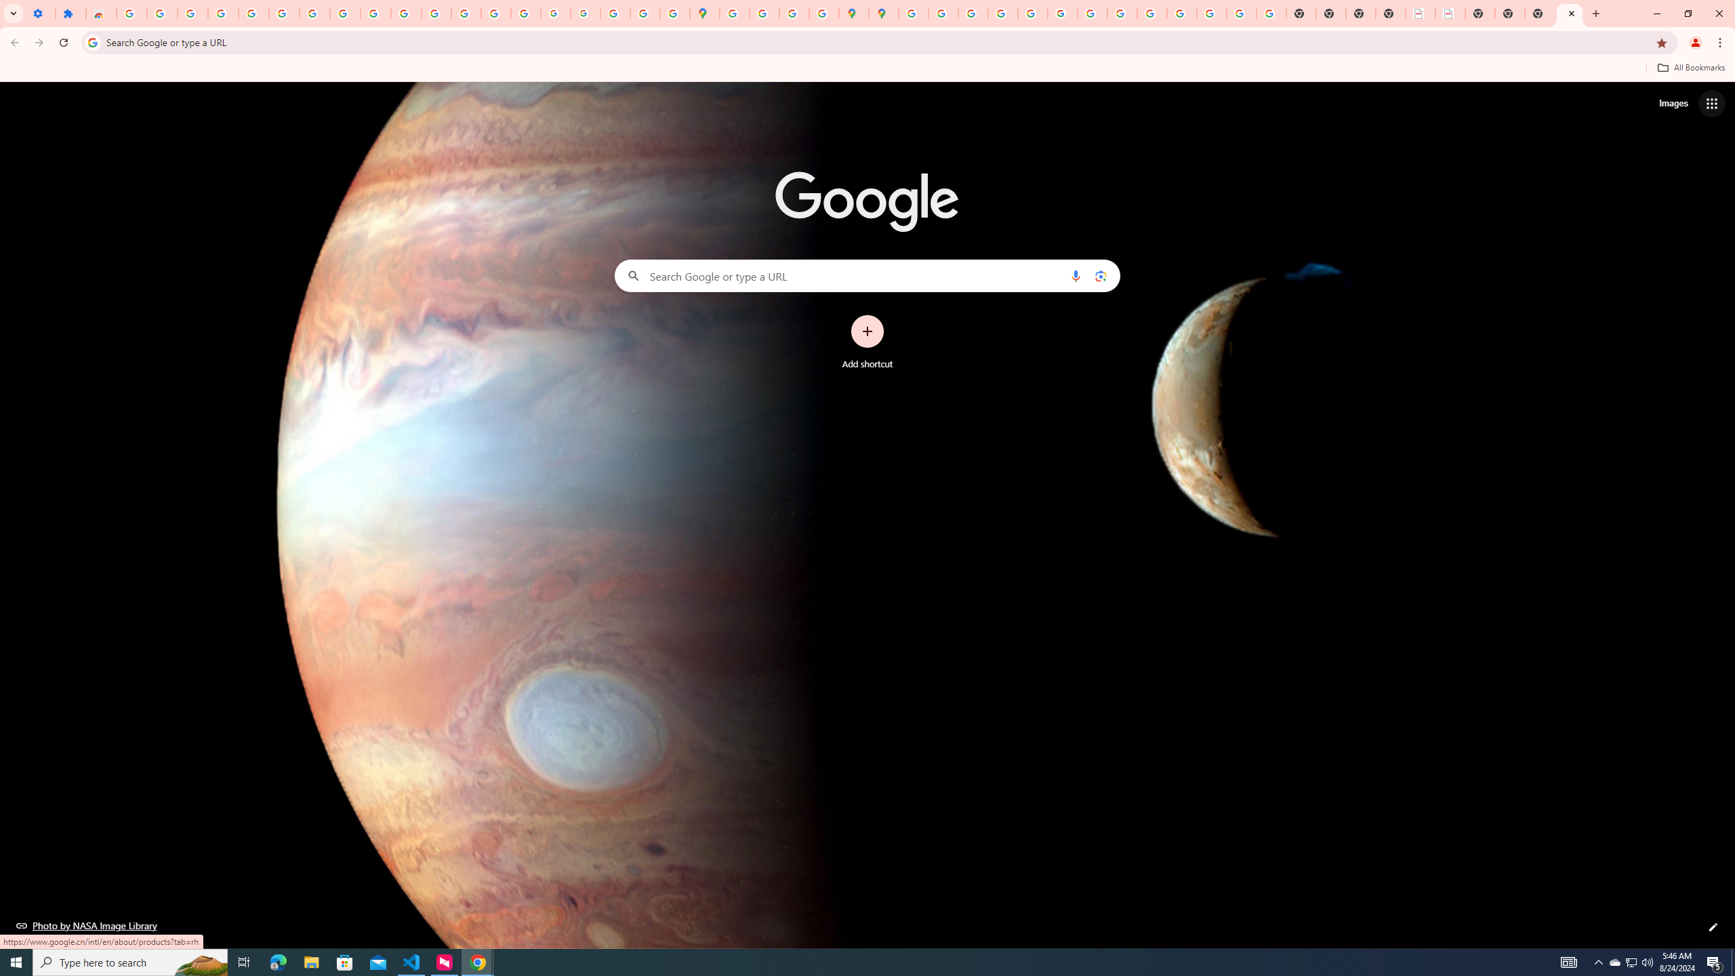 The width and height of the screenshot is (1735, 976). What do you see at coordinates (1002, 13) in the screenshot?
I see `'Privacy Help Center - Policies Help'` at bounding box center [1002, 13].